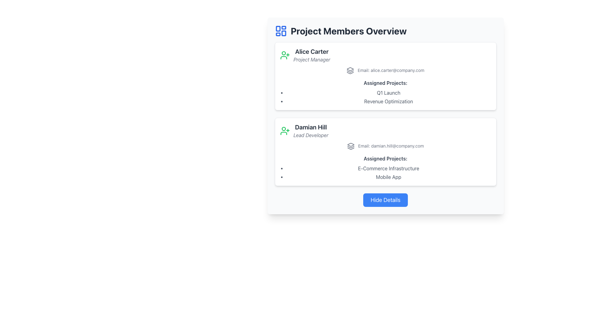 The height and width of the screenshot is (332, 591). What do you see at coordinates (312, 55) in the screenshot?
I see `the Text Display element that presents the identity and role of 'Alice Carter' located in the top-left corner of the 'Project Members Overview' section` at bounding box center [312, 55].